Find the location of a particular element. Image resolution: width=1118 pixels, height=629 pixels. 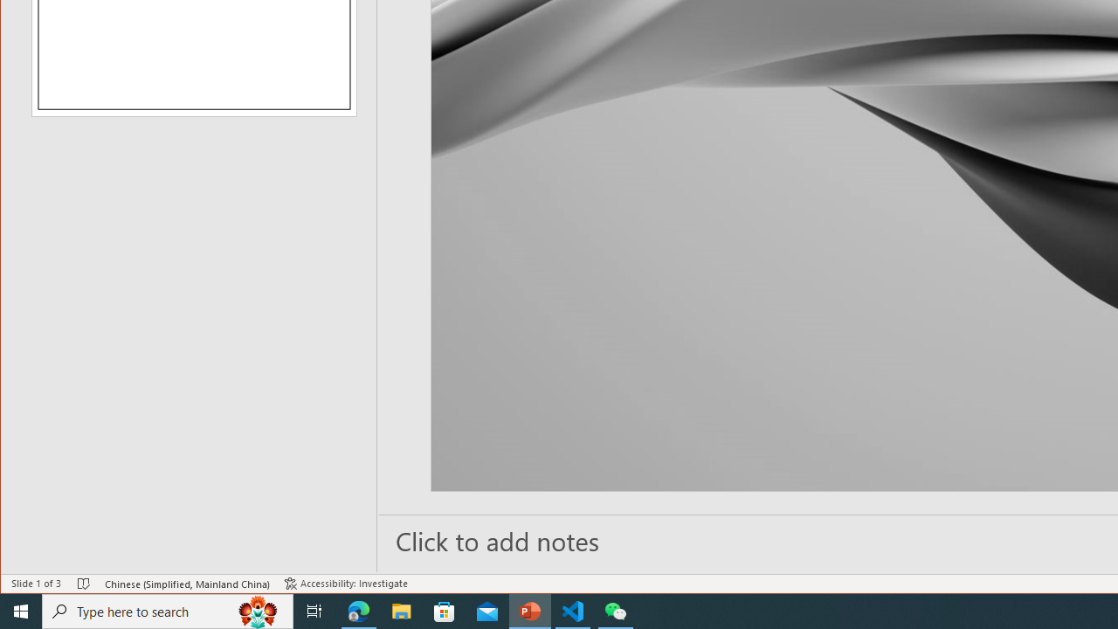

'PowerPoint - 1 running window' is located at coordinates (529, 610).